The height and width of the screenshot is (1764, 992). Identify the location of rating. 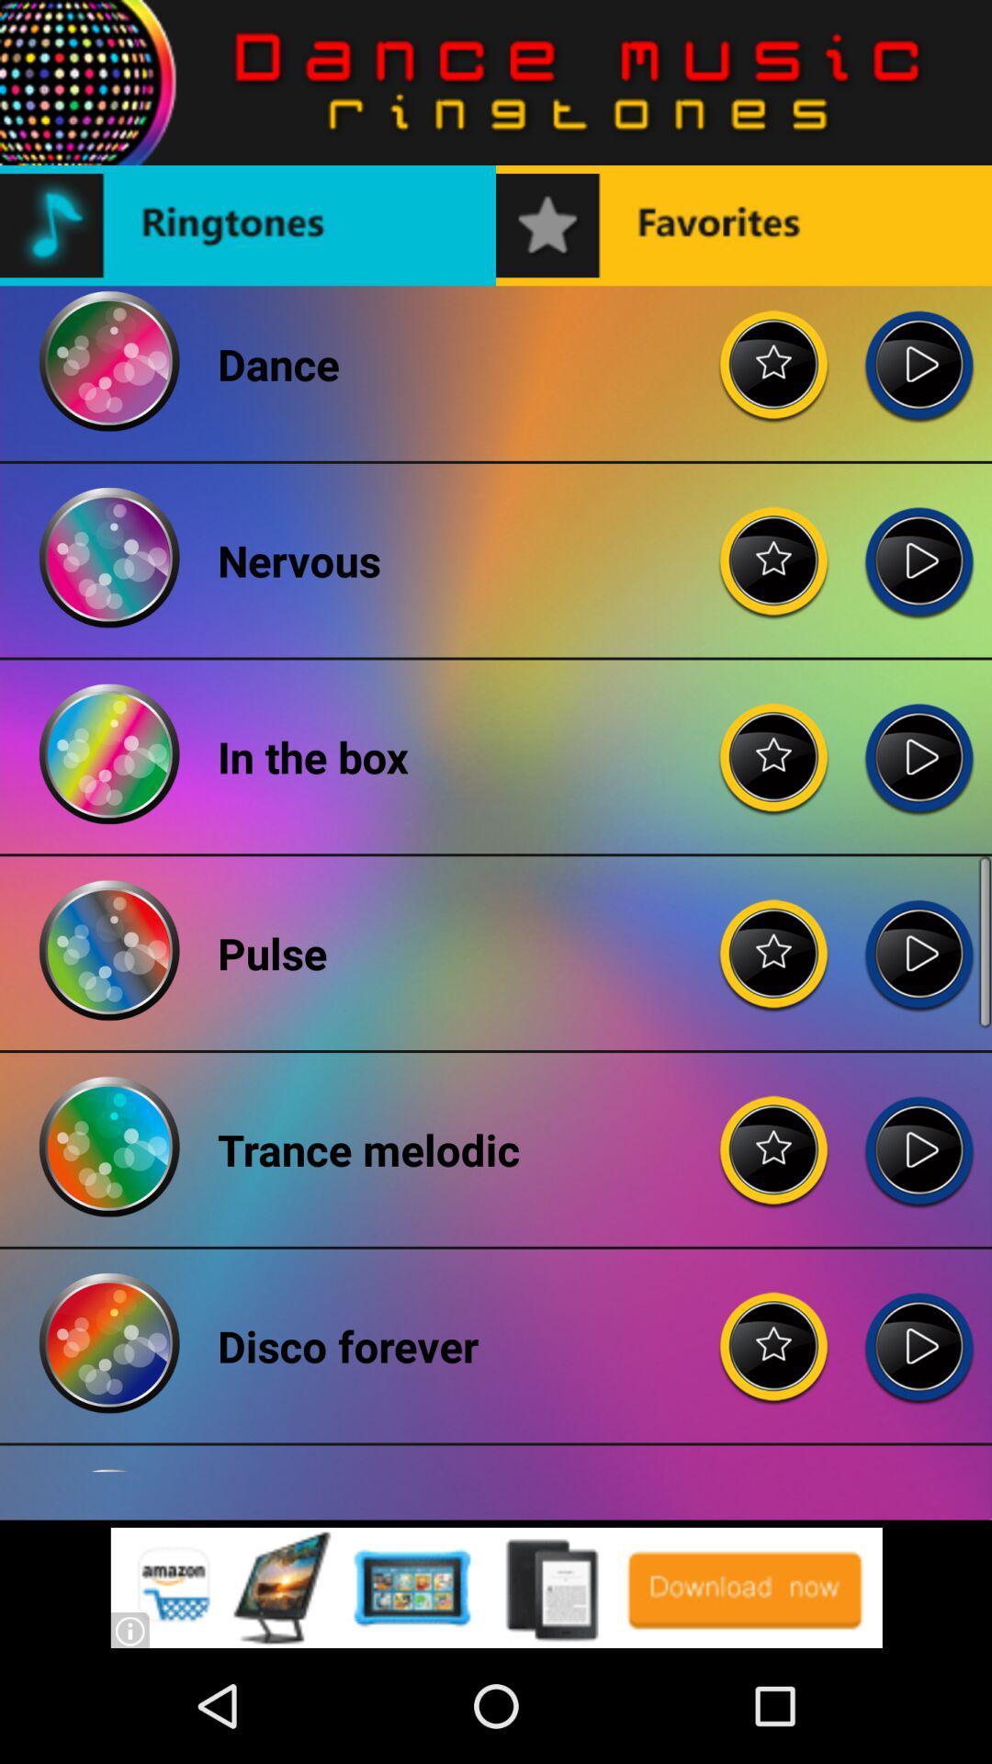
(774, 546).